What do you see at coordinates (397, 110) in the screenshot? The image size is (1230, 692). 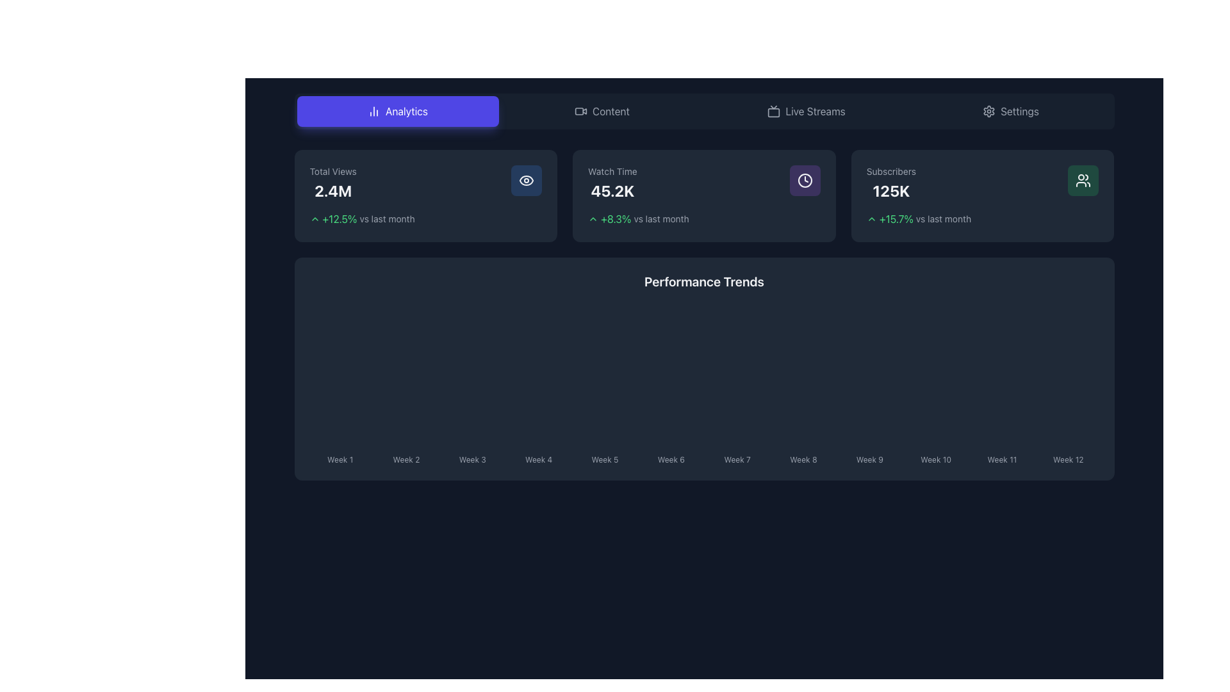 I see `the 'Analytics' button, which has a purple background with white text and an icon of a bar chart` at bounding box center [397, 110].